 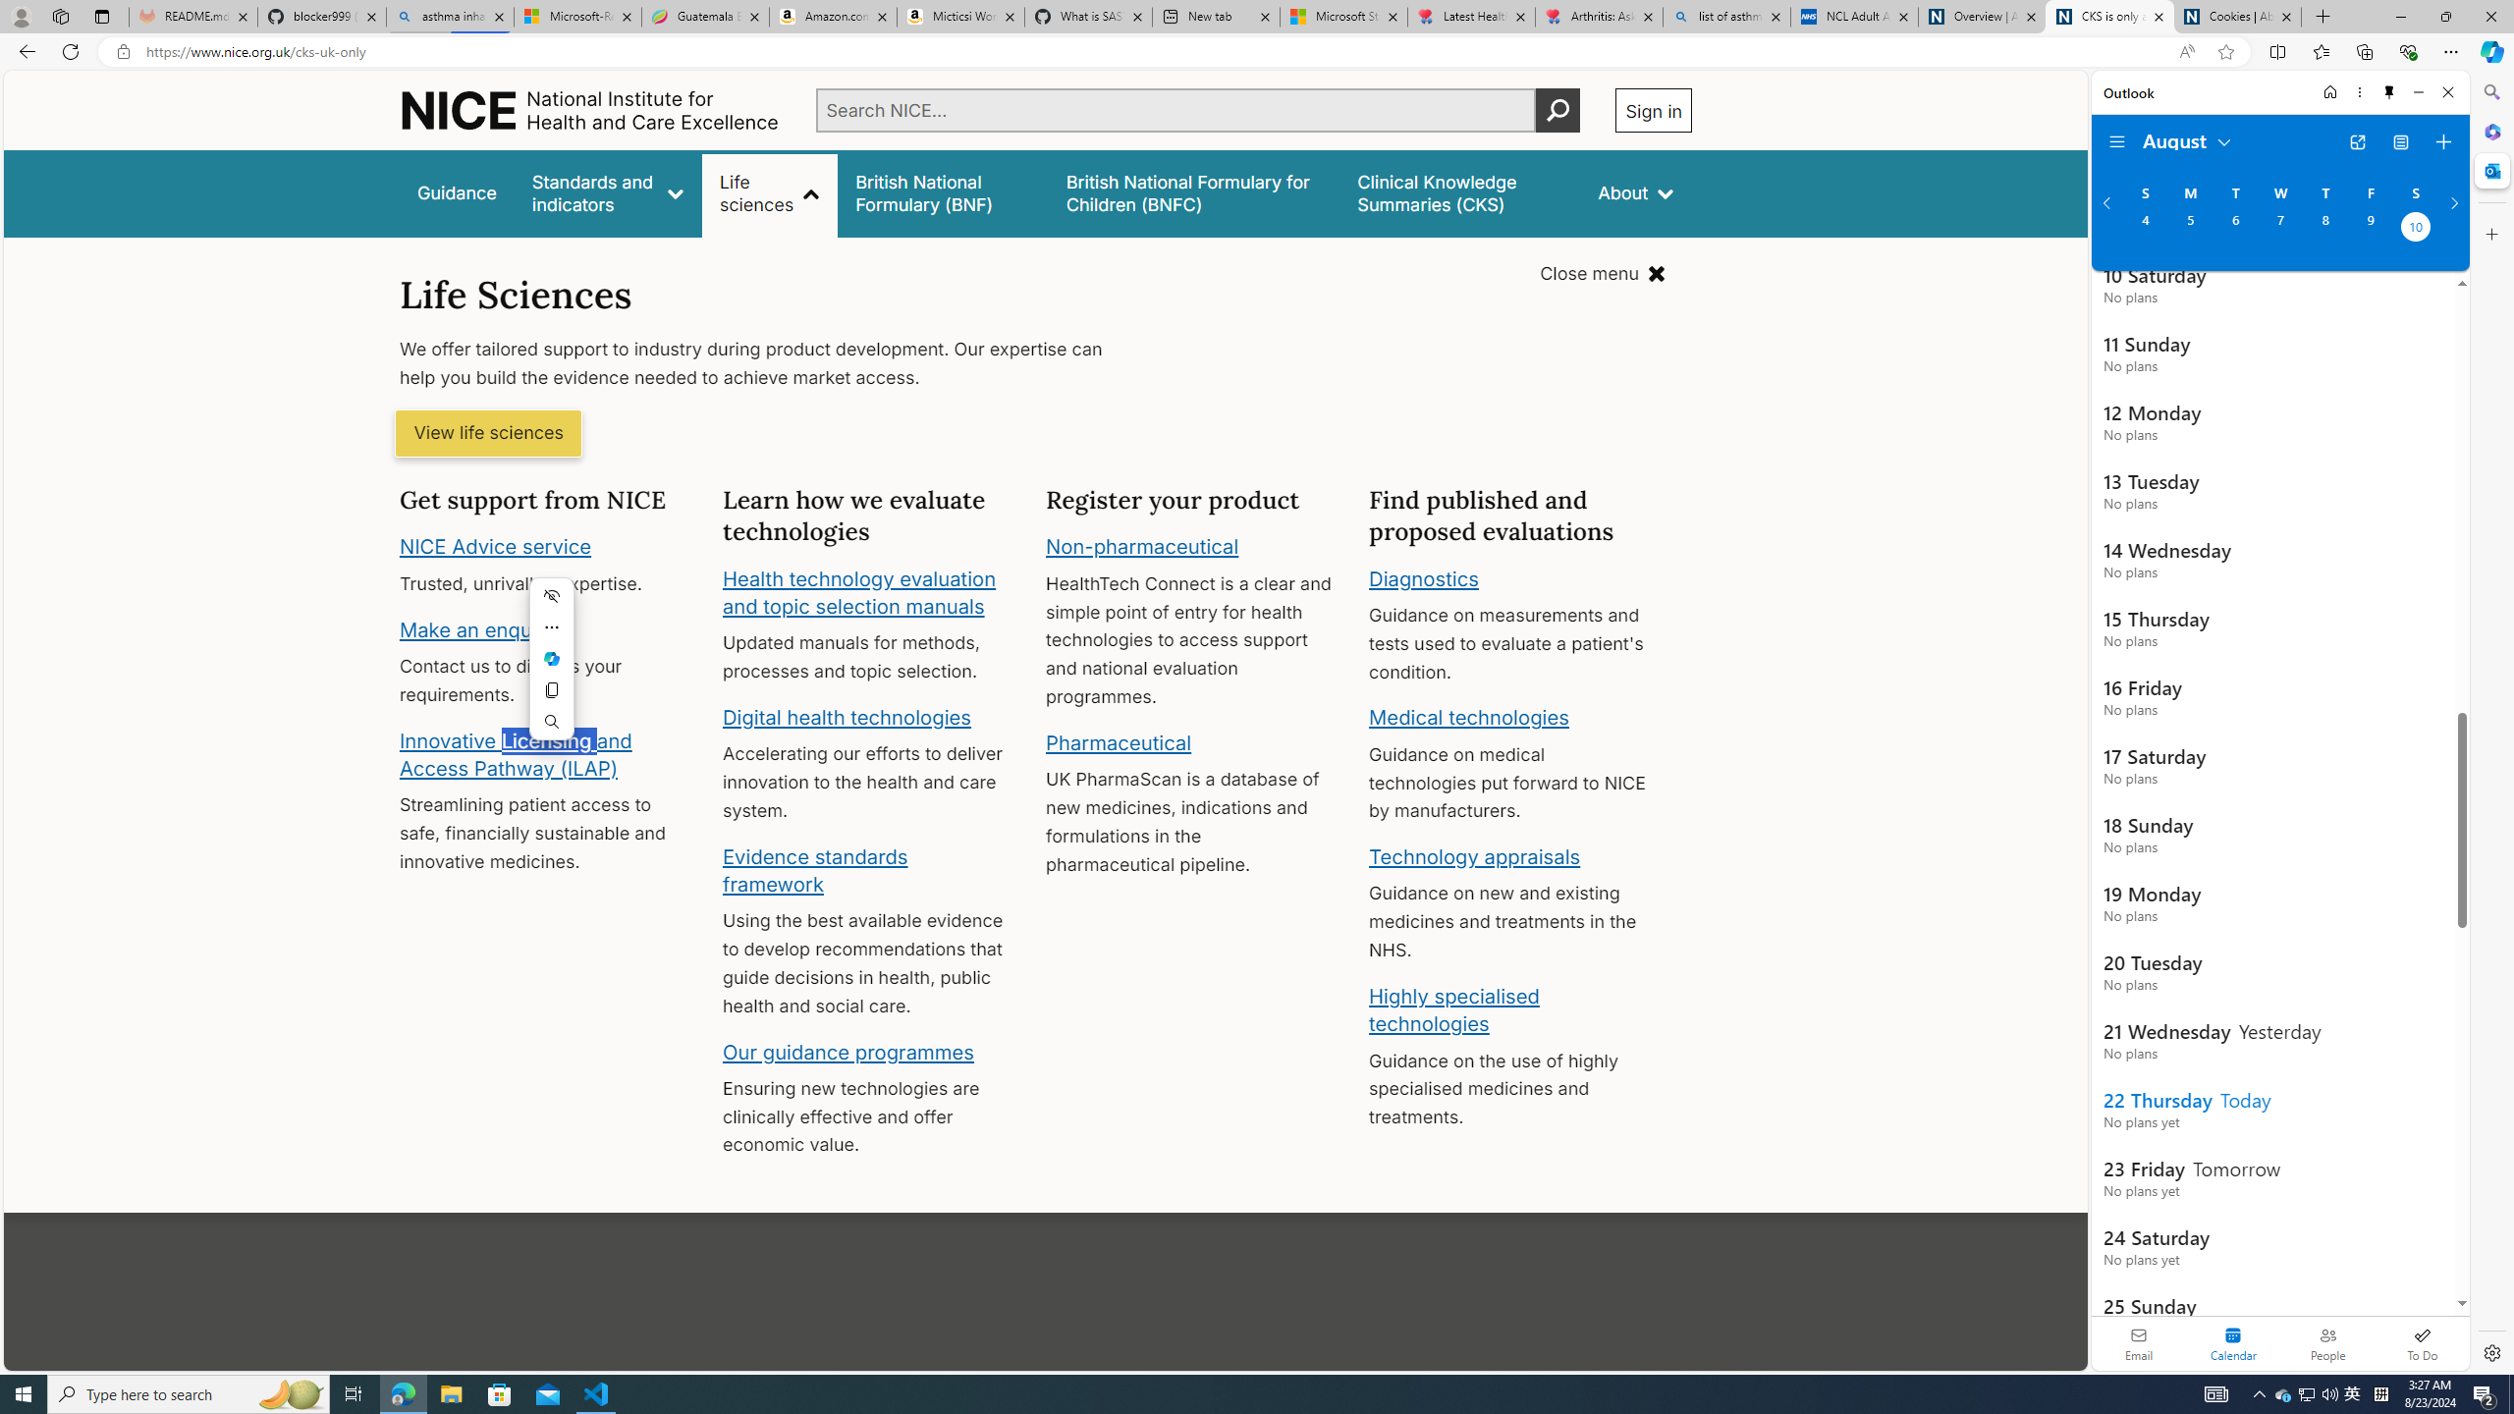 What do you see at coordinates (857, 591) in the screenshot?
I see `'Health technology evaluation and topic selection manuals'` at bounding box center [857, 591].